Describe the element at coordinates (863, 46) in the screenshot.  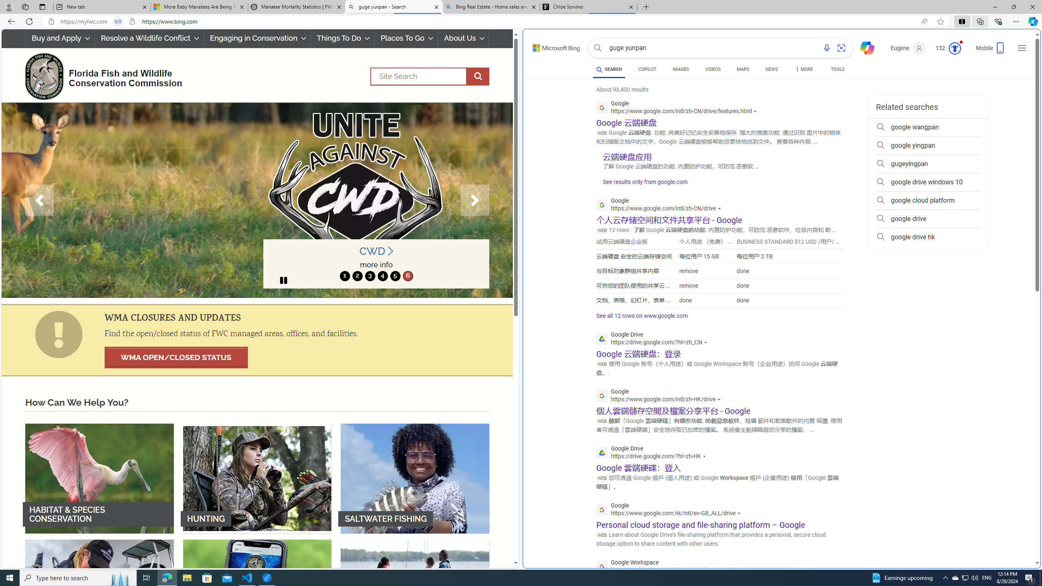
I see `'Chat'` at that location.